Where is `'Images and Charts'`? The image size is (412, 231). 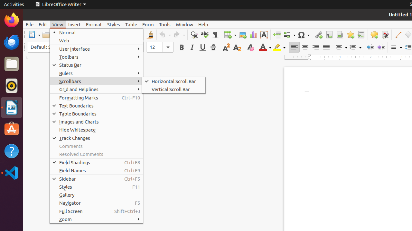 'Images and Charts' is located at coordinates (96, 122).